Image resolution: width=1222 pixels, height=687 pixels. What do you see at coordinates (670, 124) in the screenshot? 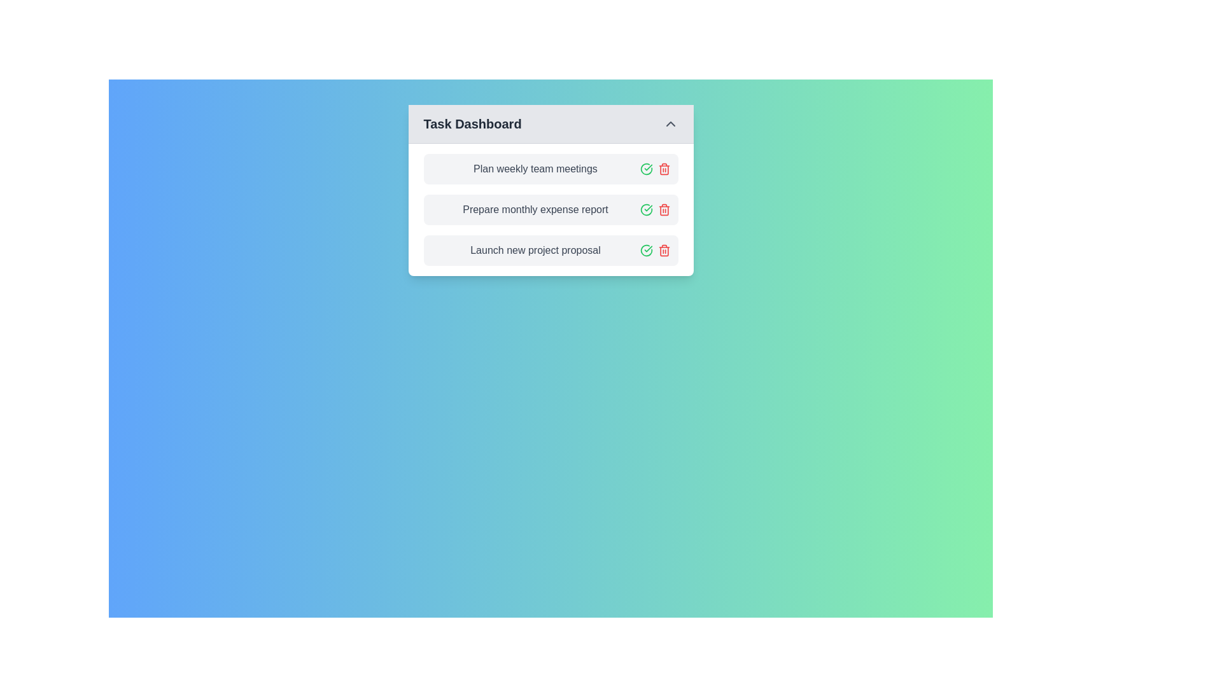
I see `keyboard navigation` at bounding box center [670, 124].